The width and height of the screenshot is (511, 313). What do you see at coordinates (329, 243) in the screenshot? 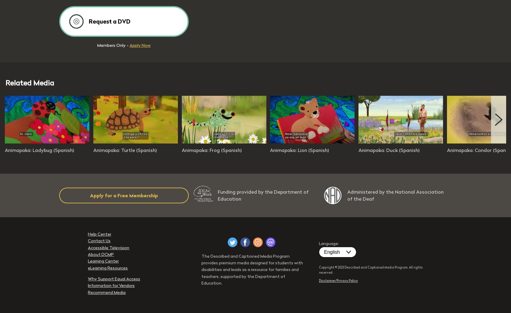
I see `'Language:'` at bounding box center [329, 243].